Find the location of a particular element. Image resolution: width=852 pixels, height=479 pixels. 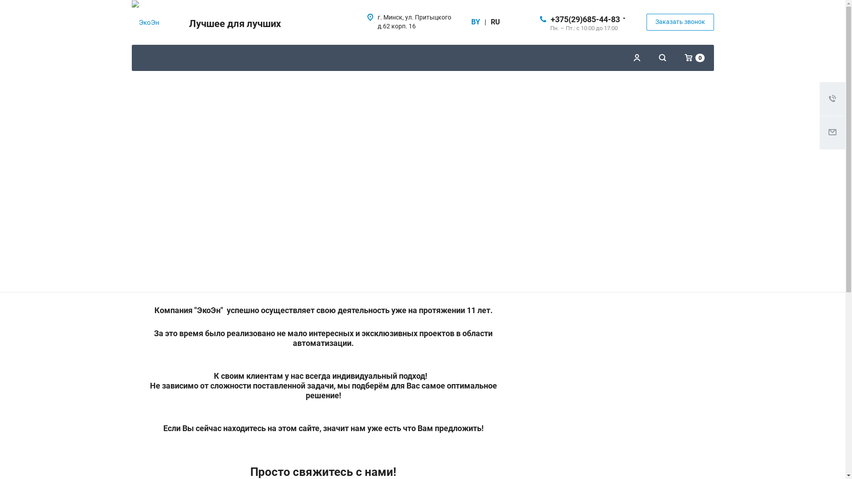

'BY' is located at coordinates (475, 22).